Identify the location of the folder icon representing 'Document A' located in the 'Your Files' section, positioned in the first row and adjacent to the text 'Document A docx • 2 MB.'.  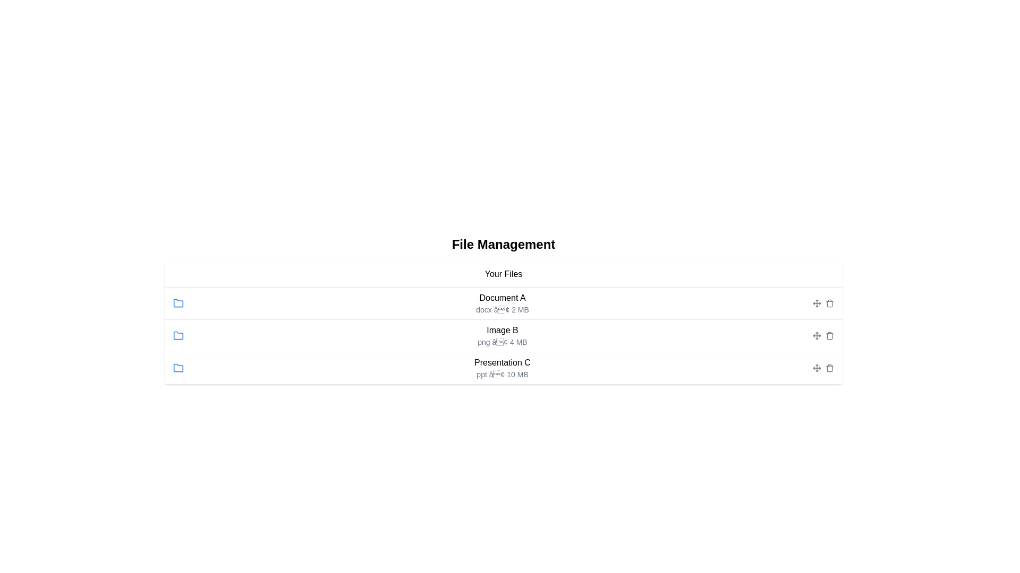
(178, 303).